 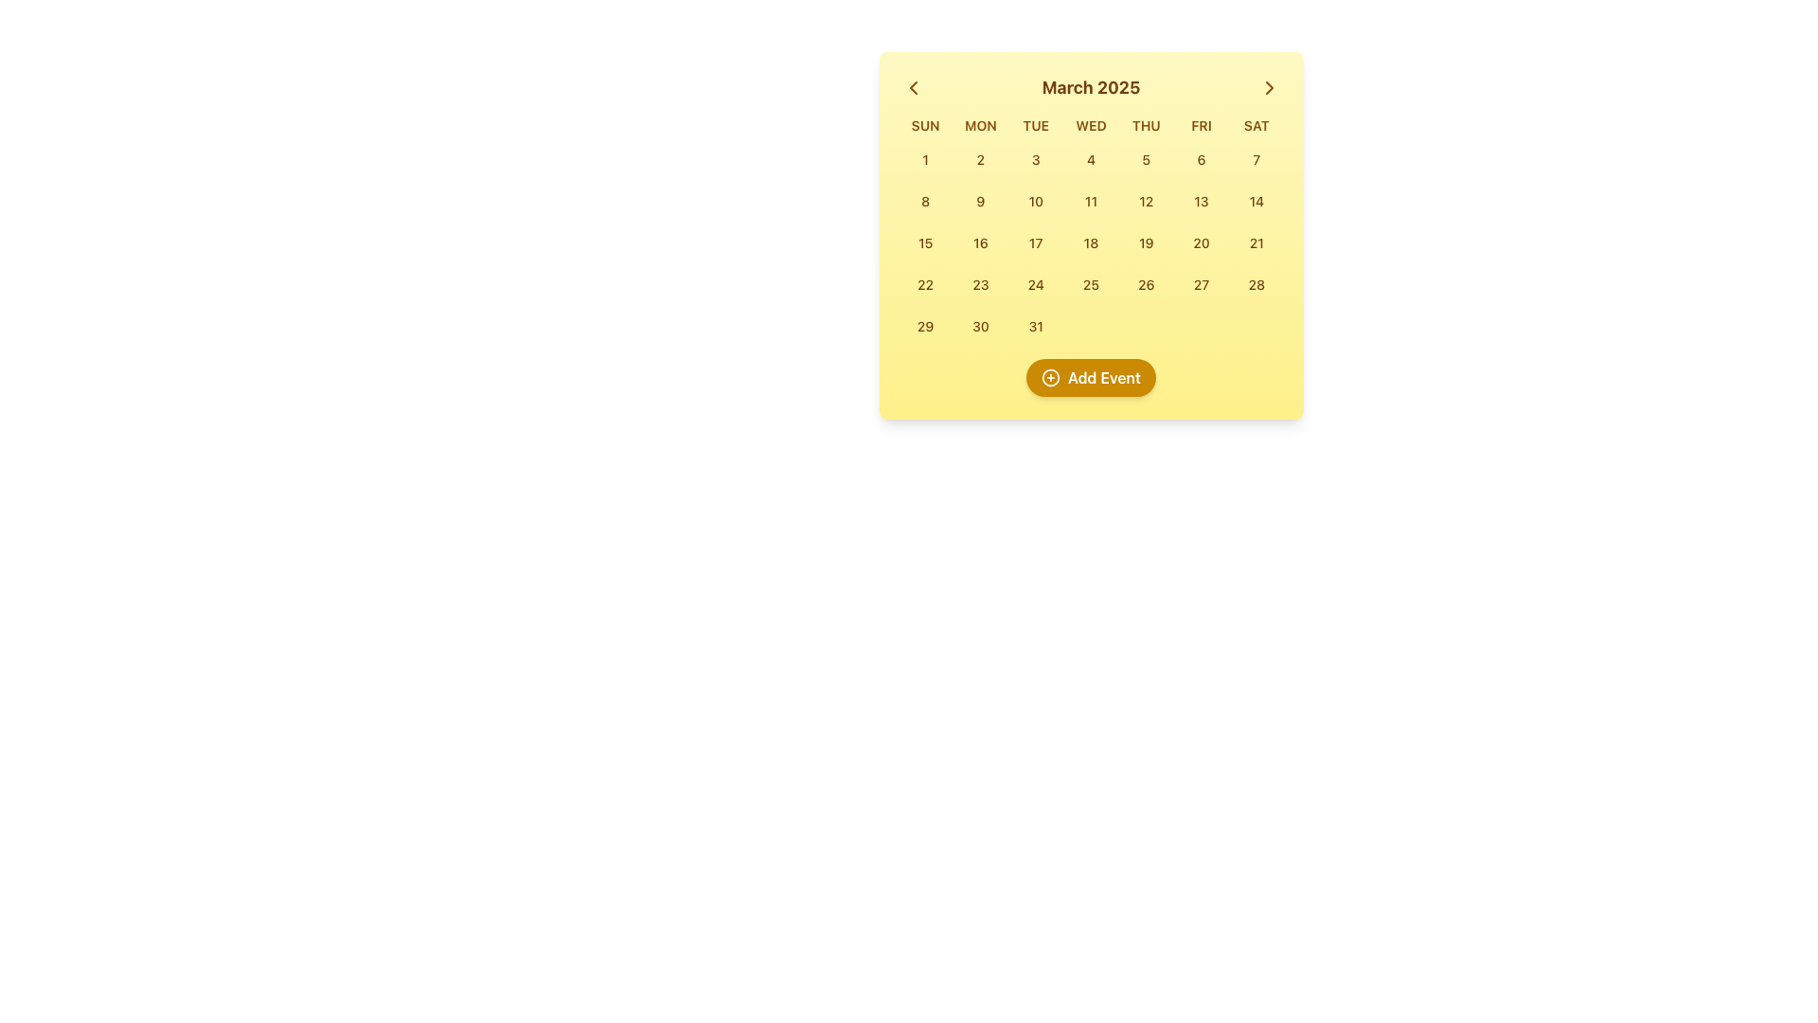 I want to click on the text label indicating 'MON', which is the second label in the sequence of days of the week in the calendar layout, so click(x=980, y=125).